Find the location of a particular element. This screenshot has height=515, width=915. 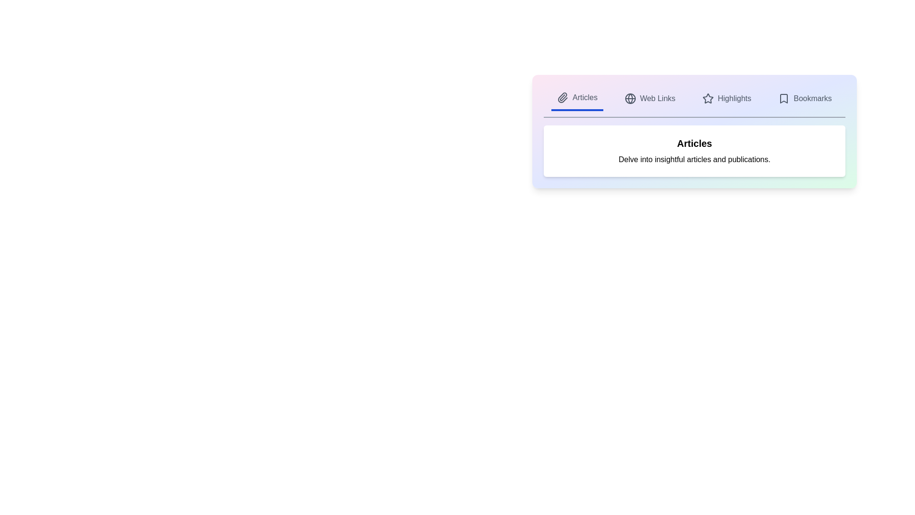

the tab labeled Highlights is located at coordinates (726, 99).